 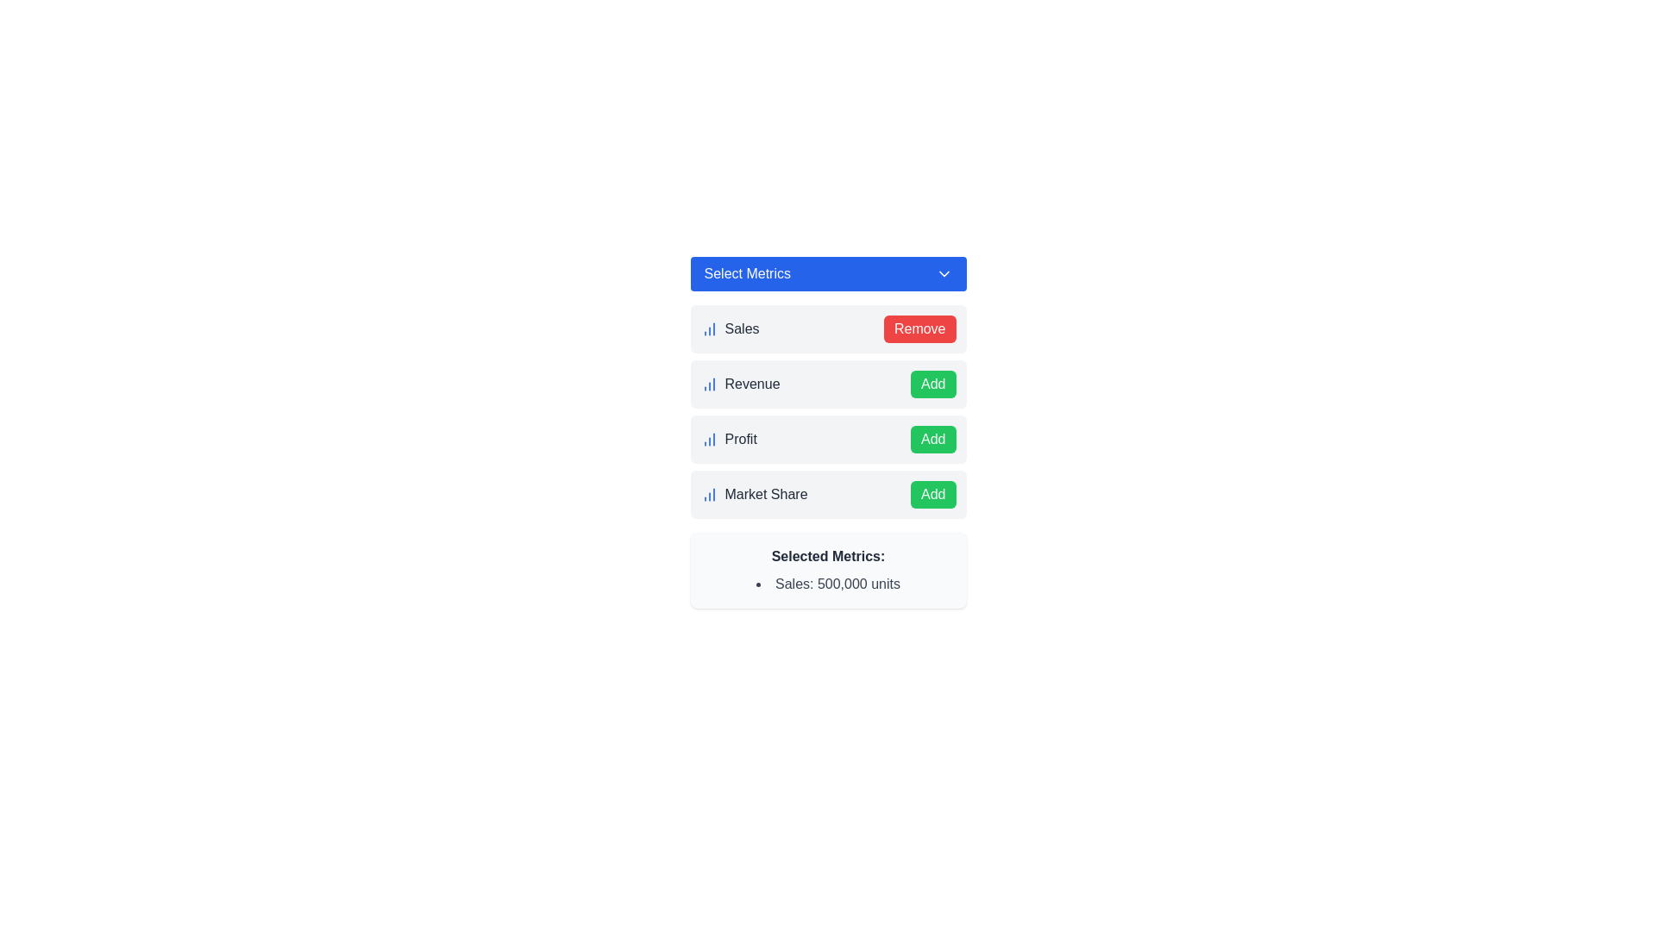 I want to click on the blue bar chart icon located to the immediate left of the 'Profit' label in the metric selection interface, so click(x=709, y=438).